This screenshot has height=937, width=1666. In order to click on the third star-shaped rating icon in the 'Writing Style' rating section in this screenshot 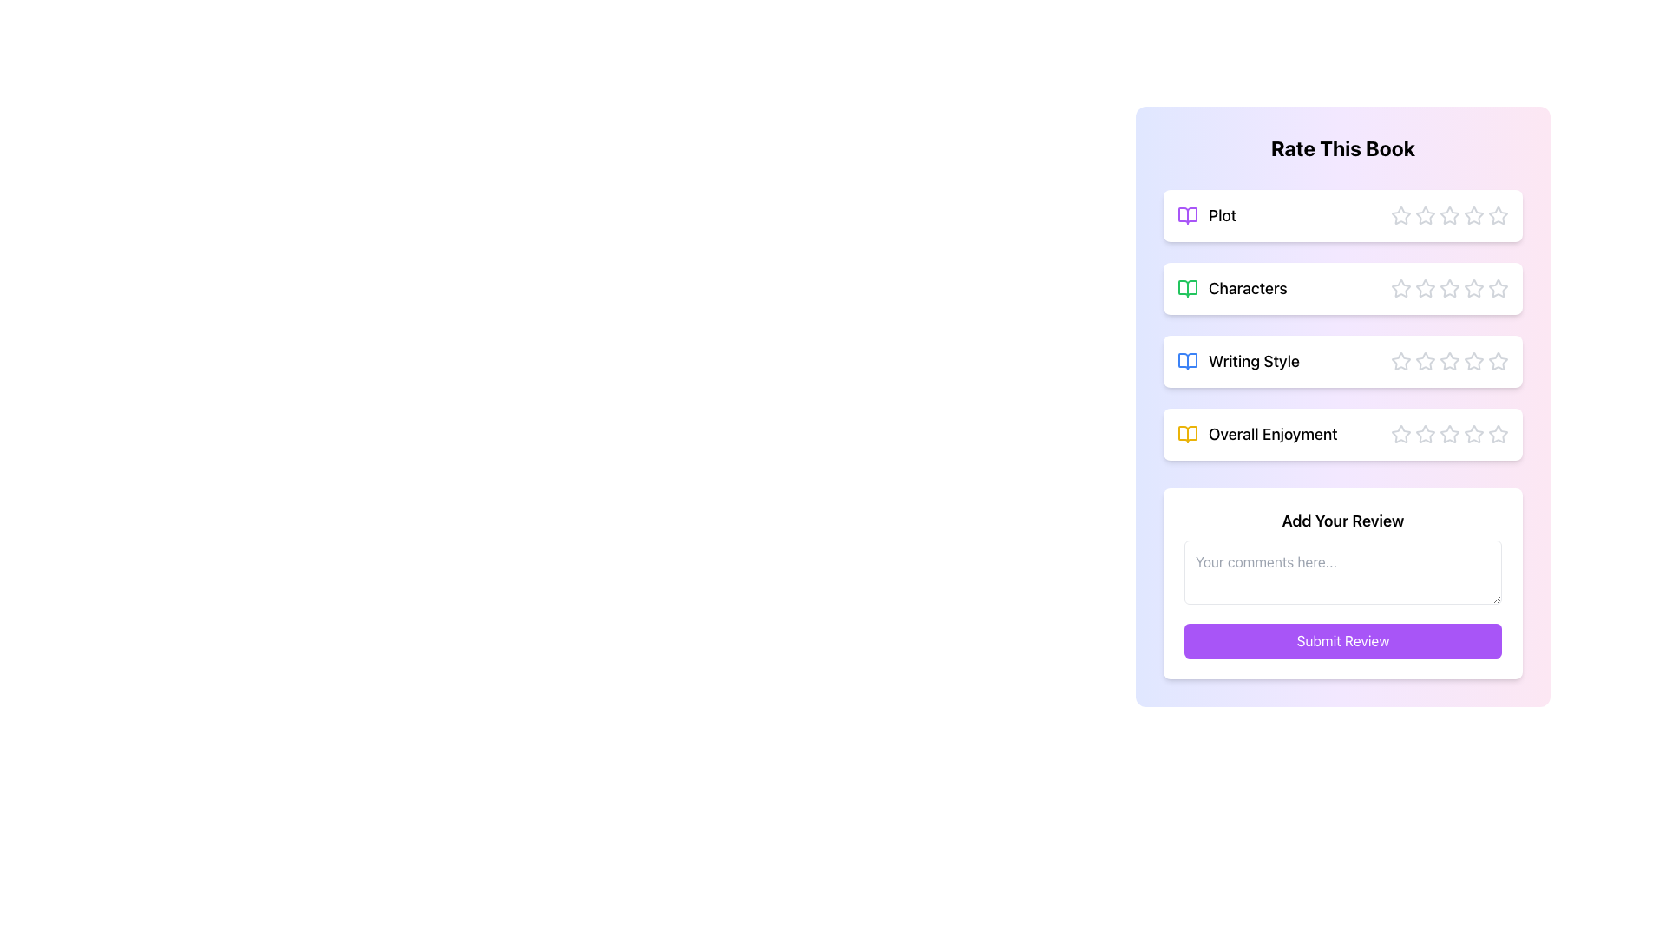, I will do `click(1425, 360)`.